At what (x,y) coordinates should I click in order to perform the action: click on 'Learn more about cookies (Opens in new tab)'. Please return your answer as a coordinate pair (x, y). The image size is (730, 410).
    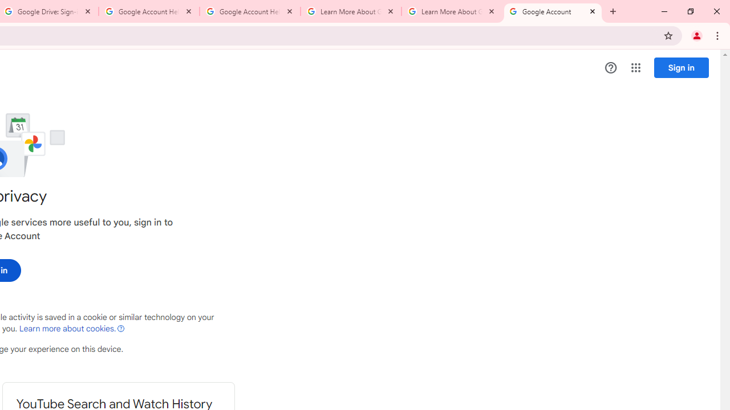
    Looking at the image, I should click on (71, 329).